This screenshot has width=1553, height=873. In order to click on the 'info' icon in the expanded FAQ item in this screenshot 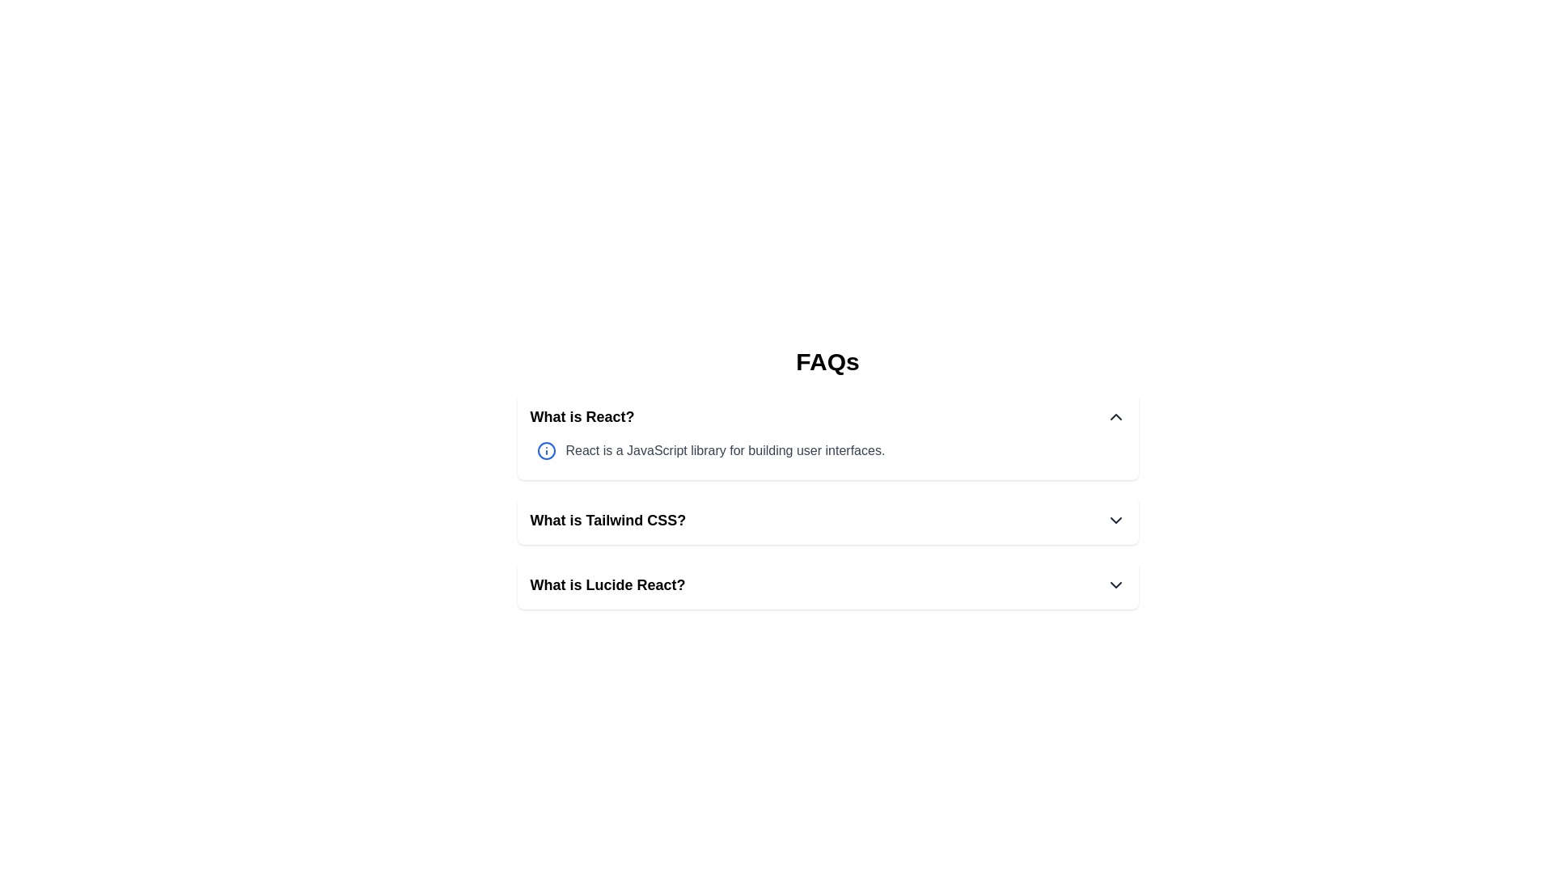, I will do `click(546, 451)`.